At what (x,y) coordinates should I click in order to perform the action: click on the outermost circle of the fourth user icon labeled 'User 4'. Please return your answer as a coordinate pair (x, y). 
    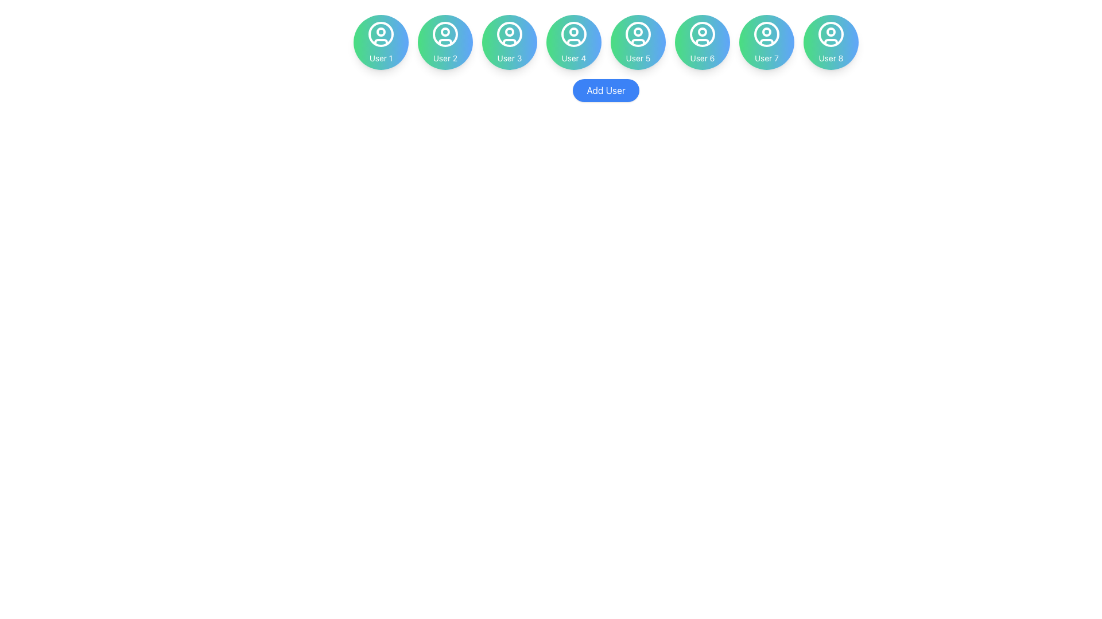
    Looking at the image, I should click on (573, 34).